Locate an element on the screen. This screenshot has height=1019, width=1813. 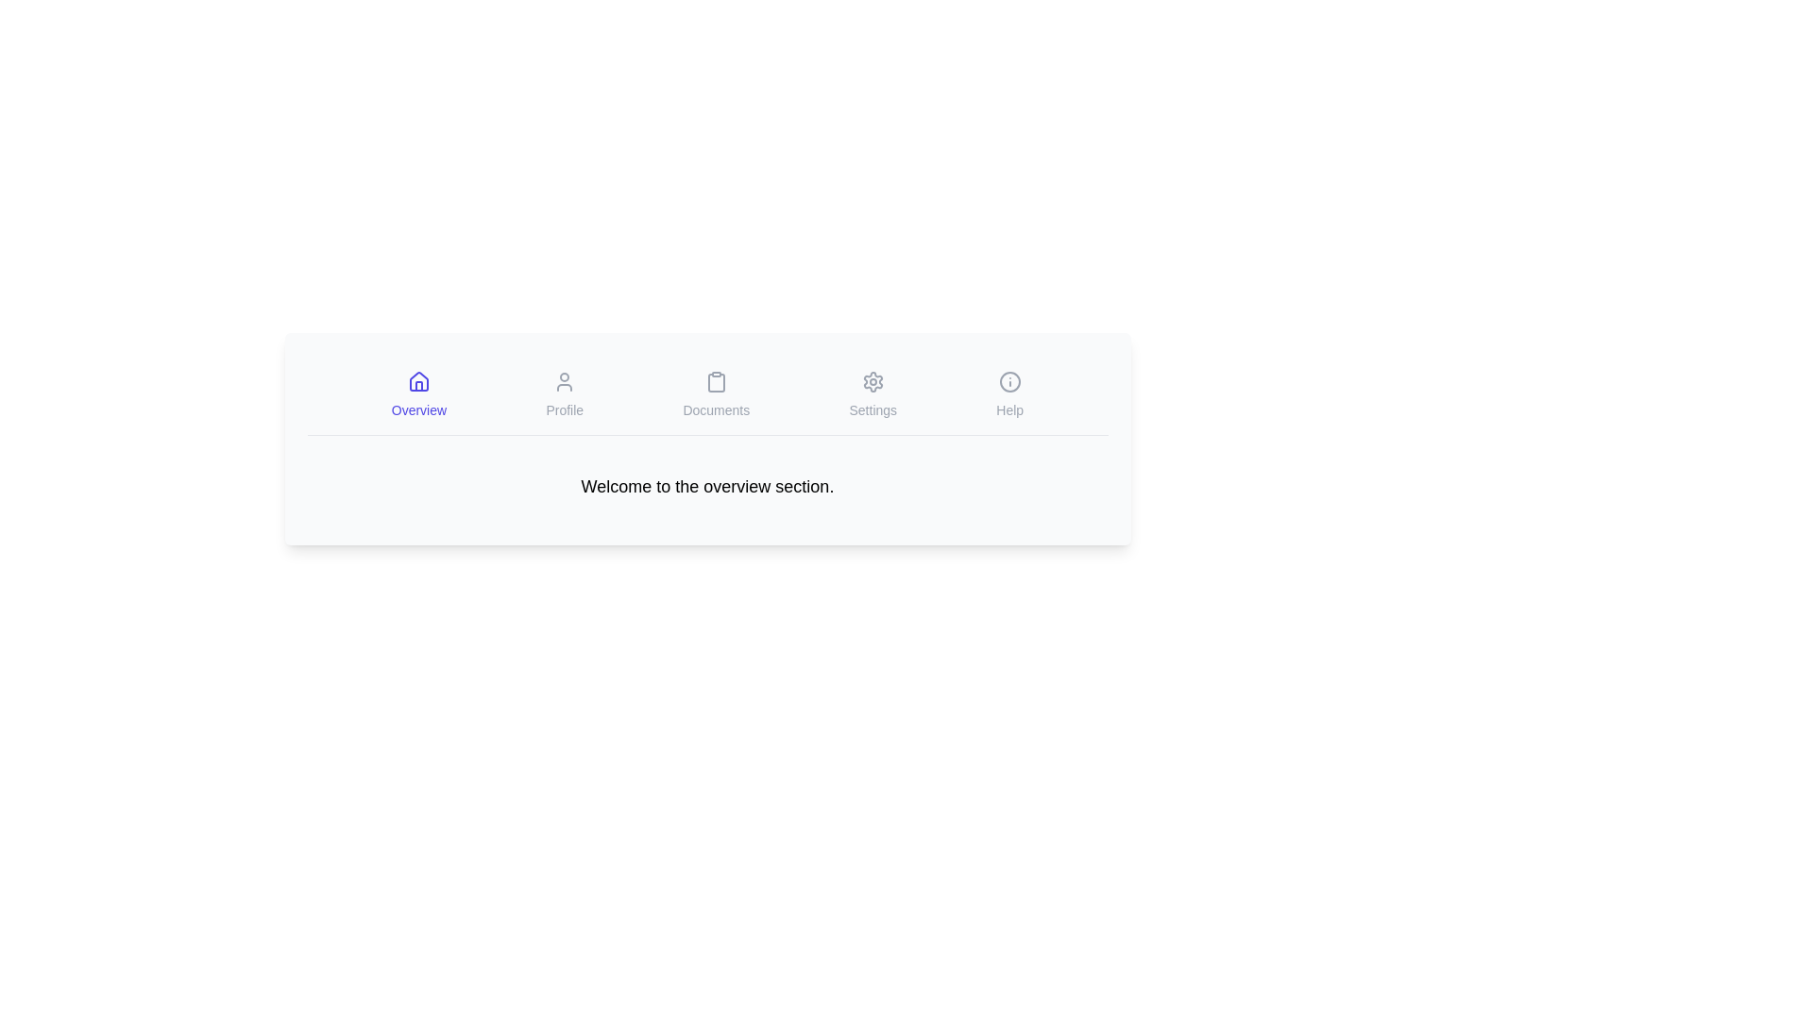
the navigation button that redirects to the documents section, located between the 'Profile' and 'Settings' items in the navigation bar is located at coordinates (715, 394).